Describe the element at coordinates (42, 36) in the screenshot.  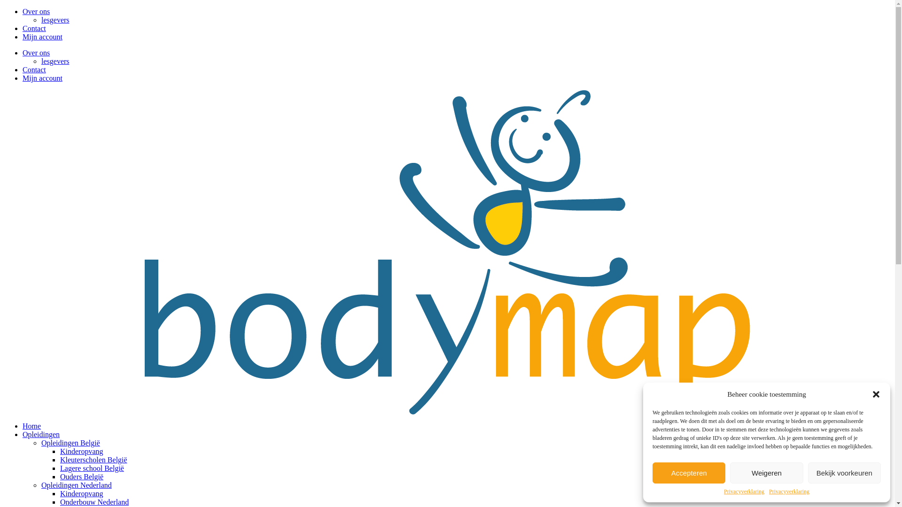
I see `'Mijn account'` at that location.